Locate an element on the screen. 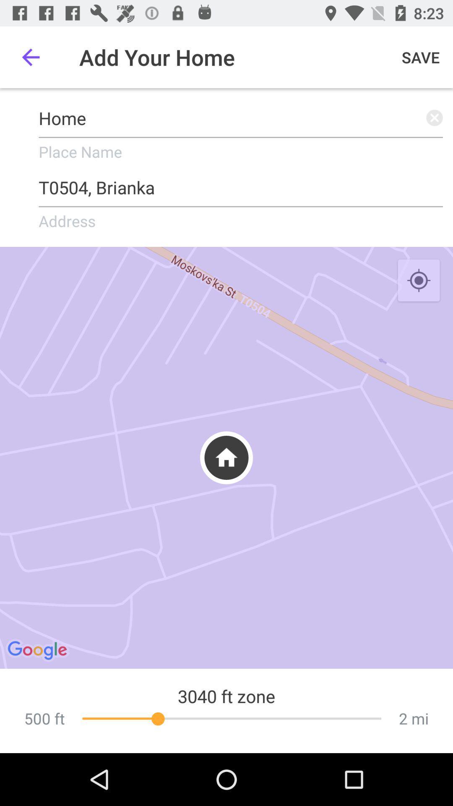  icon below address item is located at coordinates (226, 457).